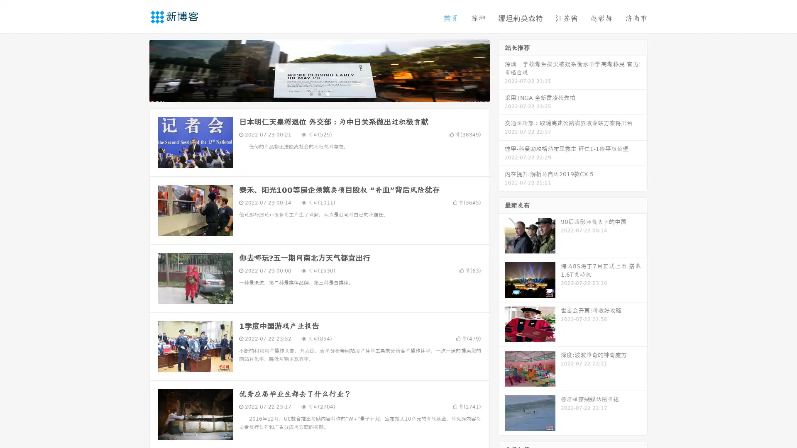 The height and width of the screenshot is (448, 797). What do you see at coordinates (501, 70) in the screenshot?
I see `Next slide` at bounding box center [501, 70].